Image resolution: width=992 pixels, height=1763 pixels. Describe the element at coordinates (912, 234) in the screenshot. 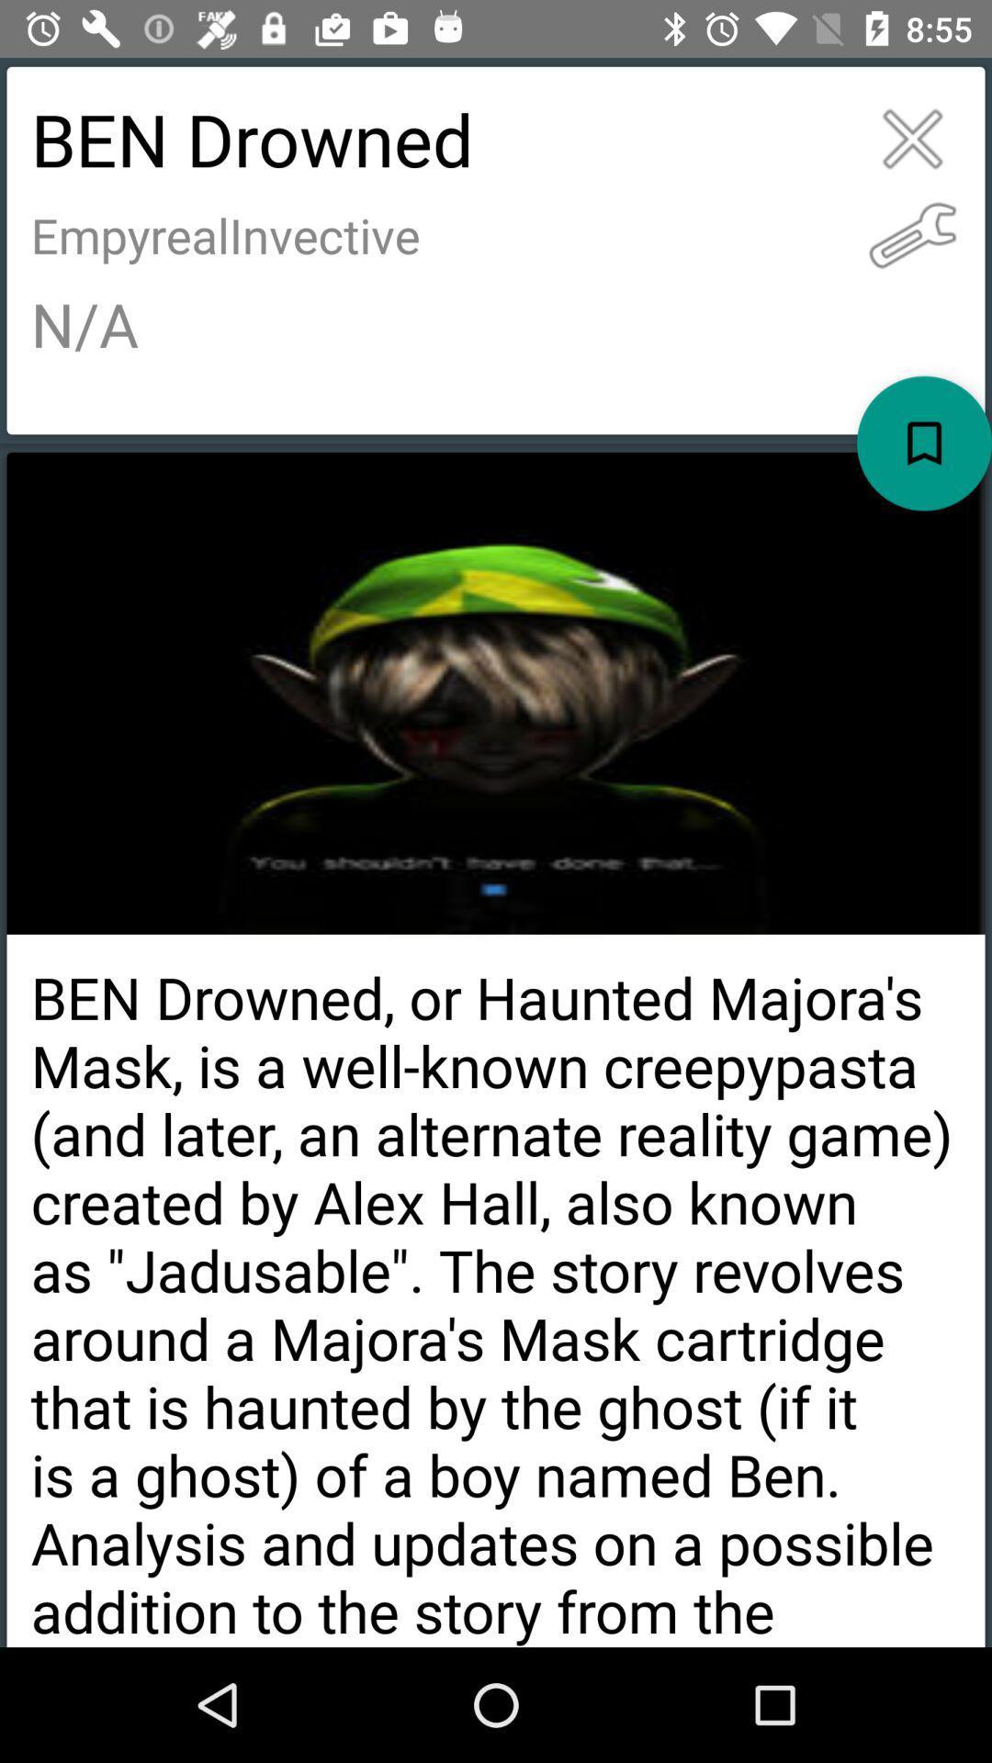

I see `repair` at that location.